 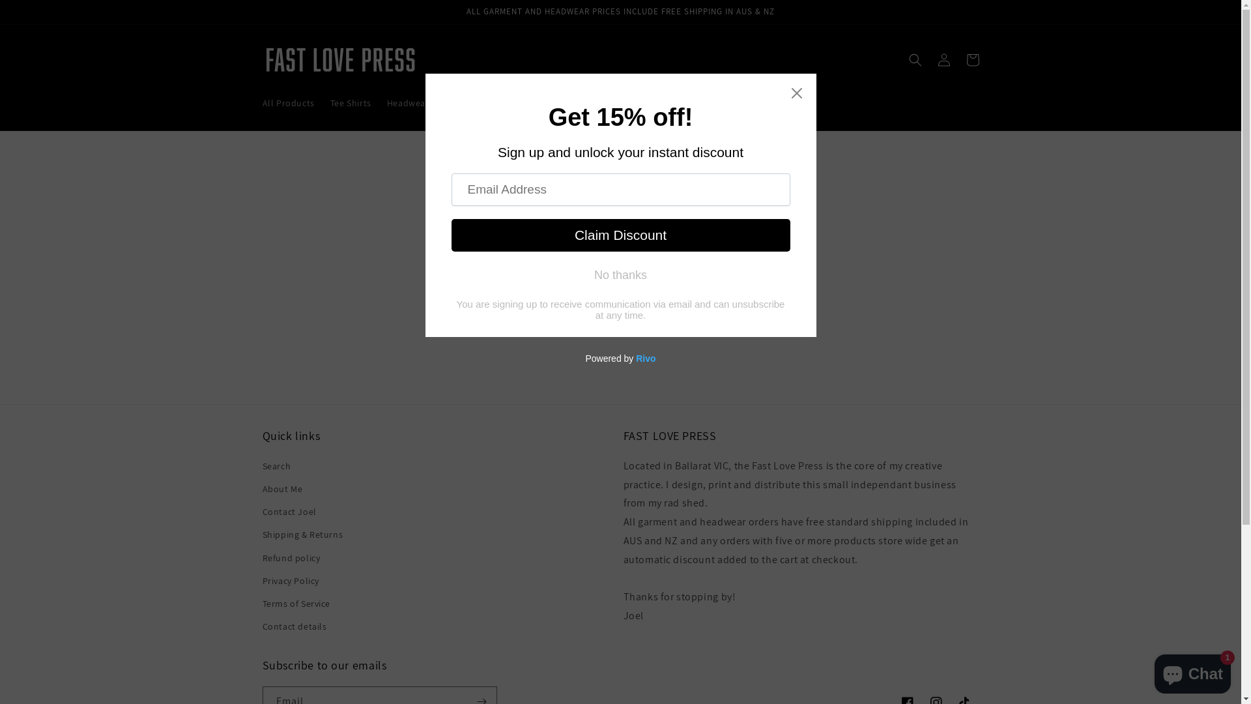 What do you see at coordinates (289, 580) in the screenshot?
I see `'Privacy Policy'` at bounding box center [289, 580].